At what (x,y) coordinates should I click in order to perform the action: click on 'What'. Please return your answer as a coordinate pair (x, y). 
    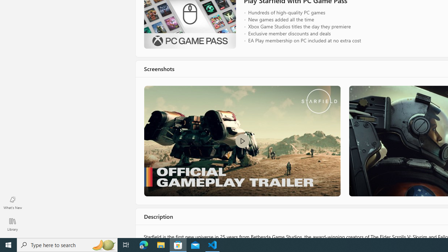
    Looking at the image, I should click on (12, 202).